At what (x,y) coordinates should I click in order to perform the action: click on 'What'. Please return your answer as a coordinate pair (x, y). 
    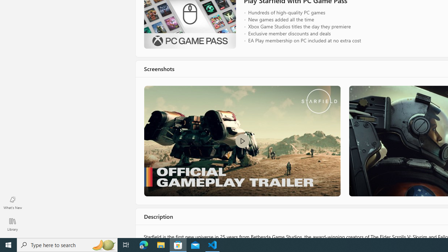
    Looking at the image, I should click on (12, 202).